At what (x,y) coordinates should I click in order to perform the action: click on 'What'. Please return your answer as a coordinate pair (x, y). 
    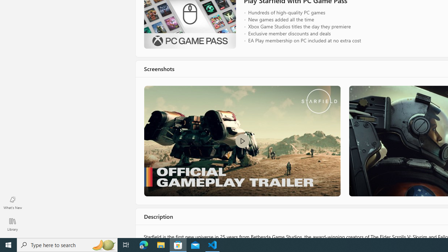
    Looking at the image, I should click on (12, 202).